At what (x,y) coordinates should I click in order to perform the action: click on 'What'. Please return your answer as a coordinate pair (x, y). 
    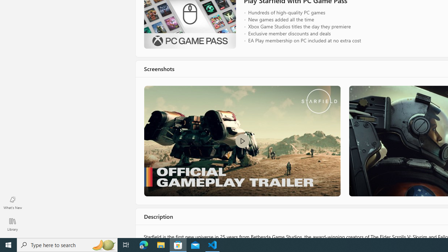
    Looking at the image, I should click on (12, 202).